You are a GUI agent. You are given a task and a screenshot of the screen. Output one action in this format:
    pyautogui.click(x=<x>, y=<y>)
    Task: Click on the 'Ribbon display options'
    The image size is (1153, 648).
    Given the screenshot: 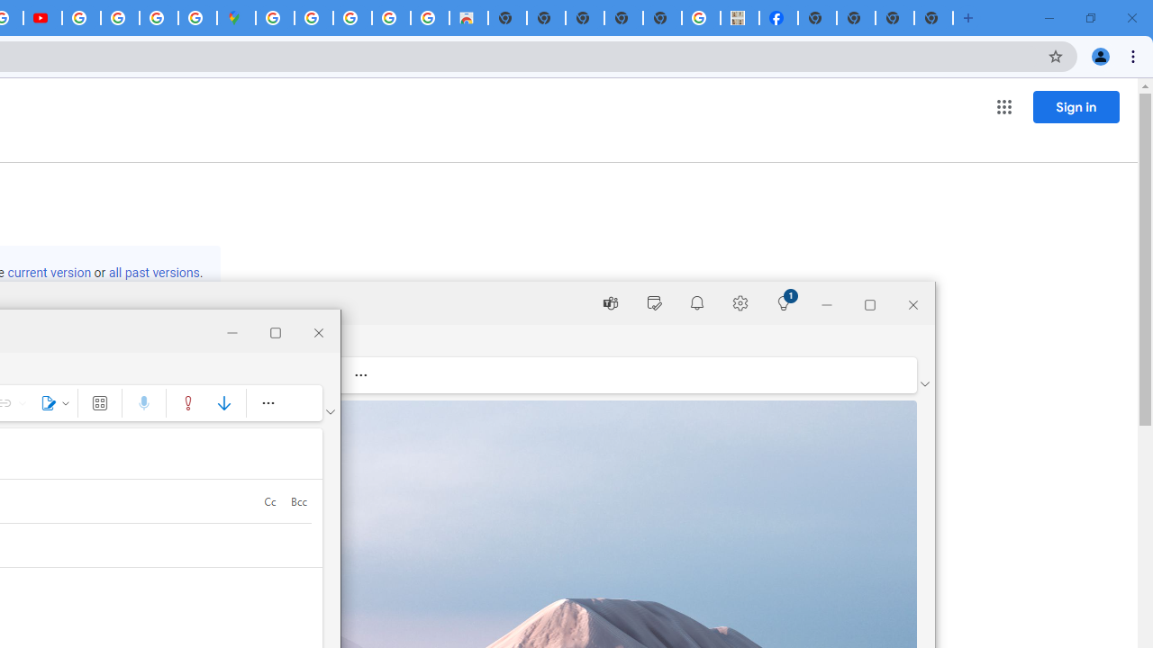 What is the action you would take?
    pyautogui.click(x=331, y=411)
    